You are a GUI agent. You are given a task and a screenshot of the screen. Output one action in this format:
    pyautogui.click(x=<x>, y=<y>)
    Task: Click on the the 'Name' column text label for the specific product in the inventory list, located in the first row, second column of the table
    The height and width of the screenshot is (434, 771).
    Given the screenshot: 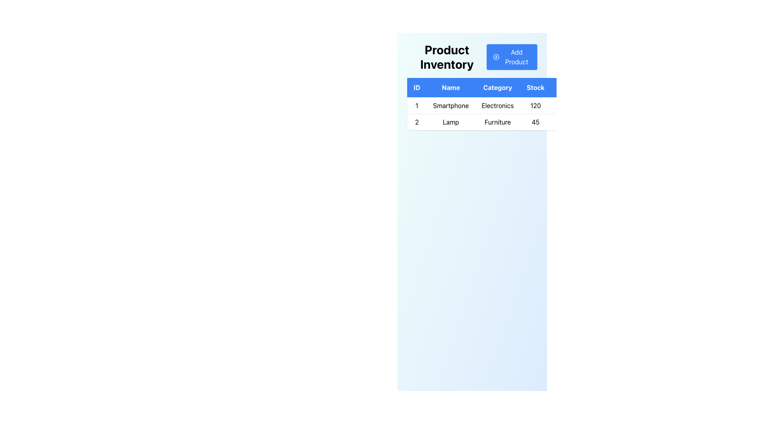 What is the action you would take?
    pyautogui.click(x=451, y=105)
    